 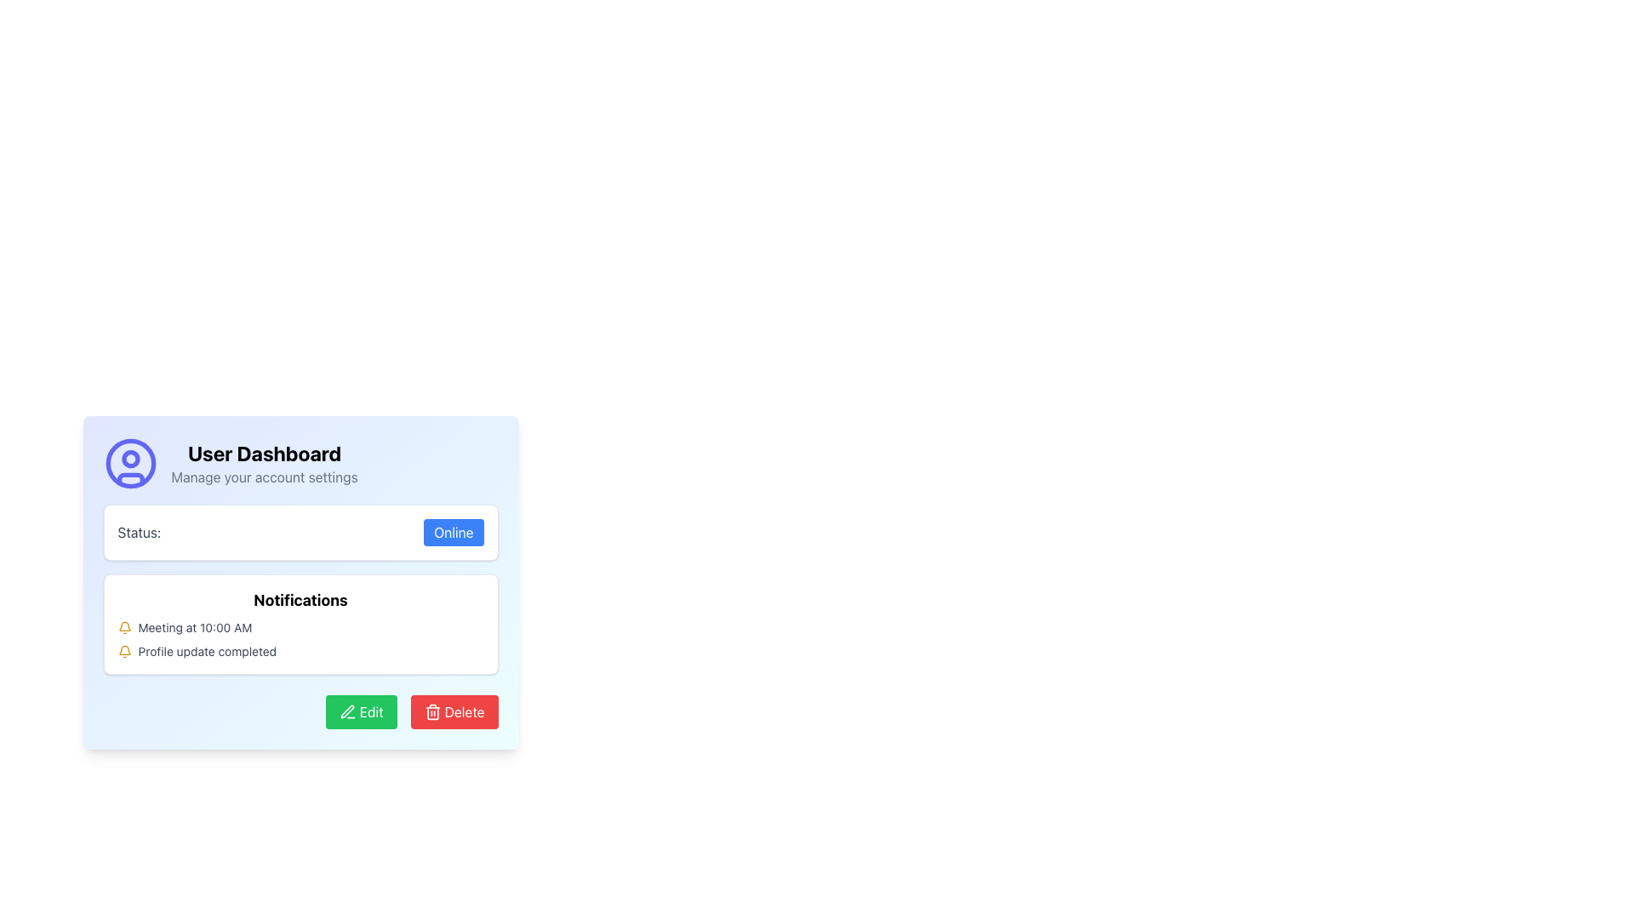 I want to click on the profile icon of the 'User Dashboard' composite element, which has a circular shape with a blue outline, so click(x=300, y=463).